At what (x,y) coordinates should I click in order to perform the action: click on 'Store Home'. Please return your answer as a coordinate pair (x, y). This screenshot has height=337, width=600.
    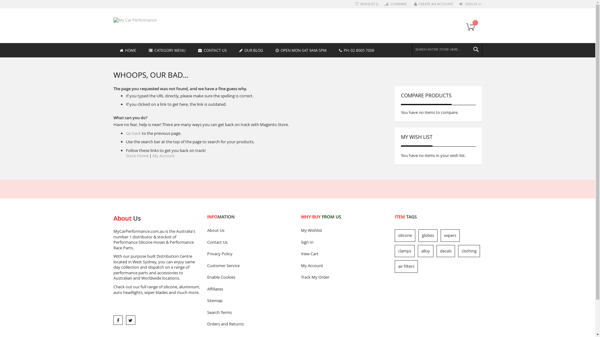
    Looking at the image, I should click on (136, 155).